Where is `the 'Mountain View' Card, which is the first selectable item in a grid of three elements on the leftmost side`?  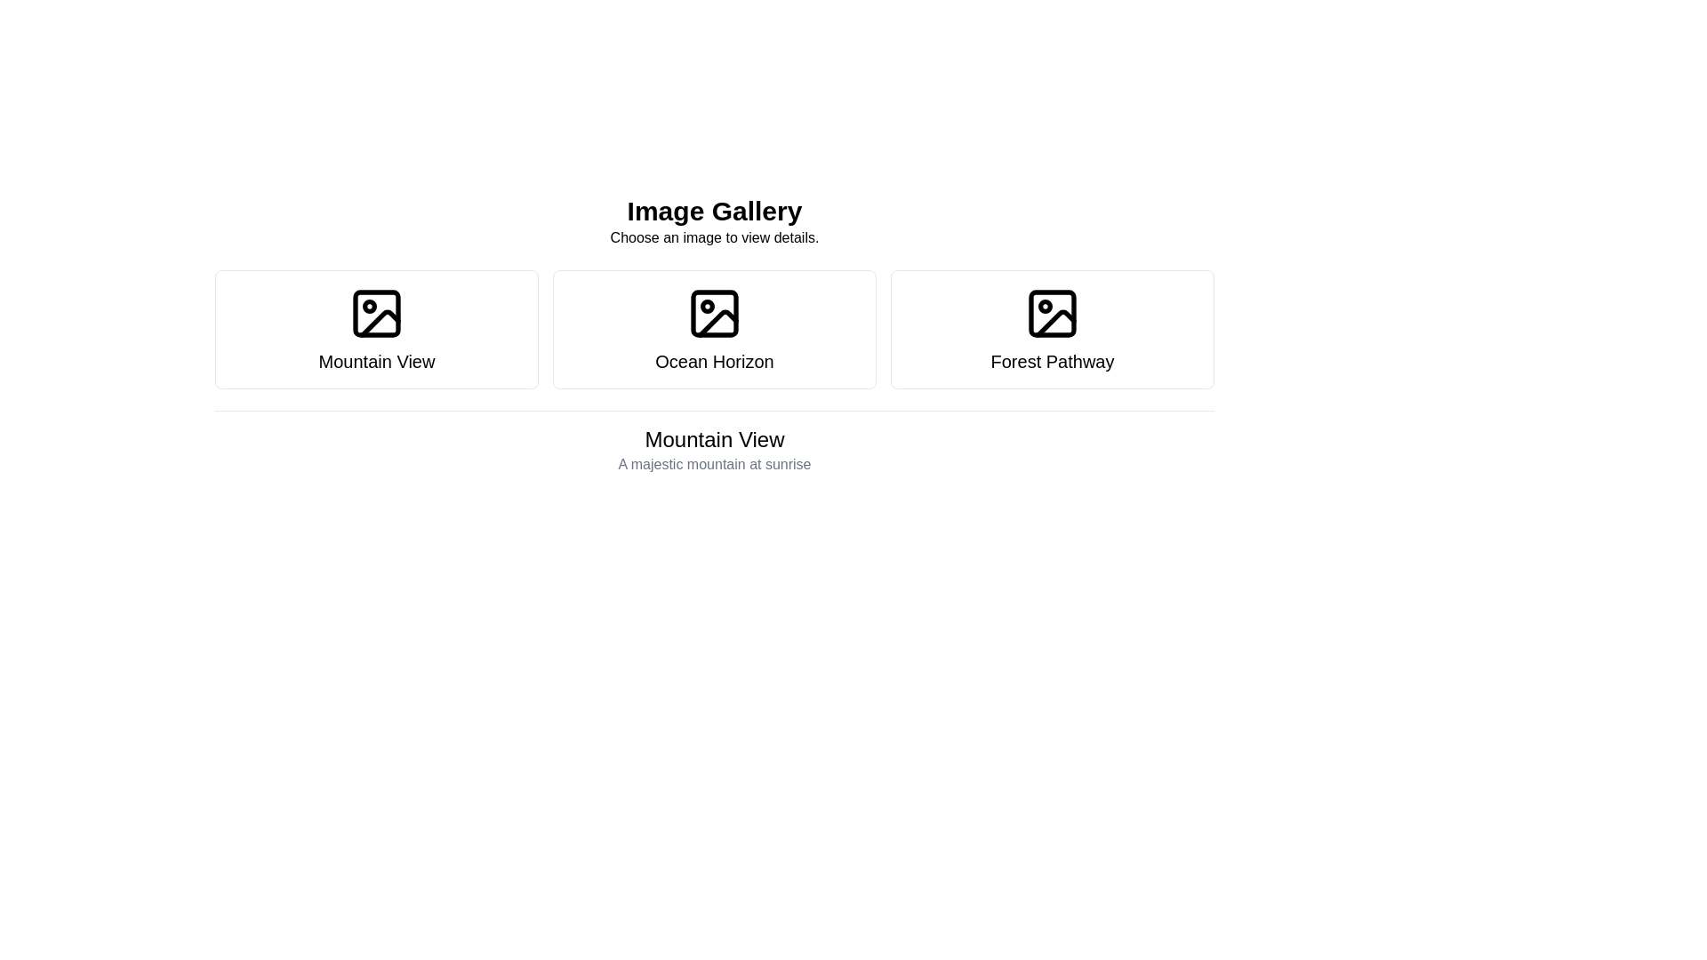
the 'Mountain View' Card, which is the first selectable item in a grid of three elements on the leftmost side is located at coordinates (375, 329).